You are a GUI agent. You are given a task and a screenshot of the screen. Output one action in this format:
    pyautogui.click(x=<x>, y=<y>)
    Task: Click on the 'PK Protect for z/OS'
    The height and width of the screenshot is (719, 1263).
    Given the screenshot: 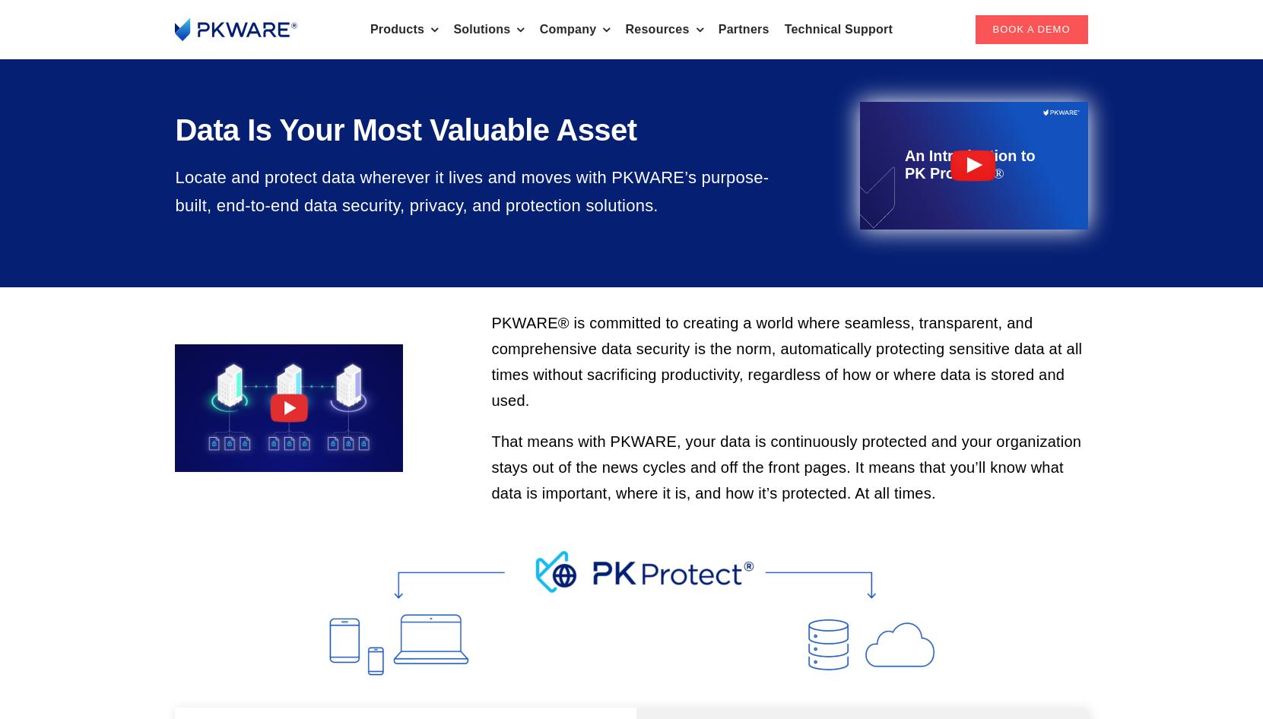 What is the action you would take?
    pyautogui.click(x=560, y=187)
    